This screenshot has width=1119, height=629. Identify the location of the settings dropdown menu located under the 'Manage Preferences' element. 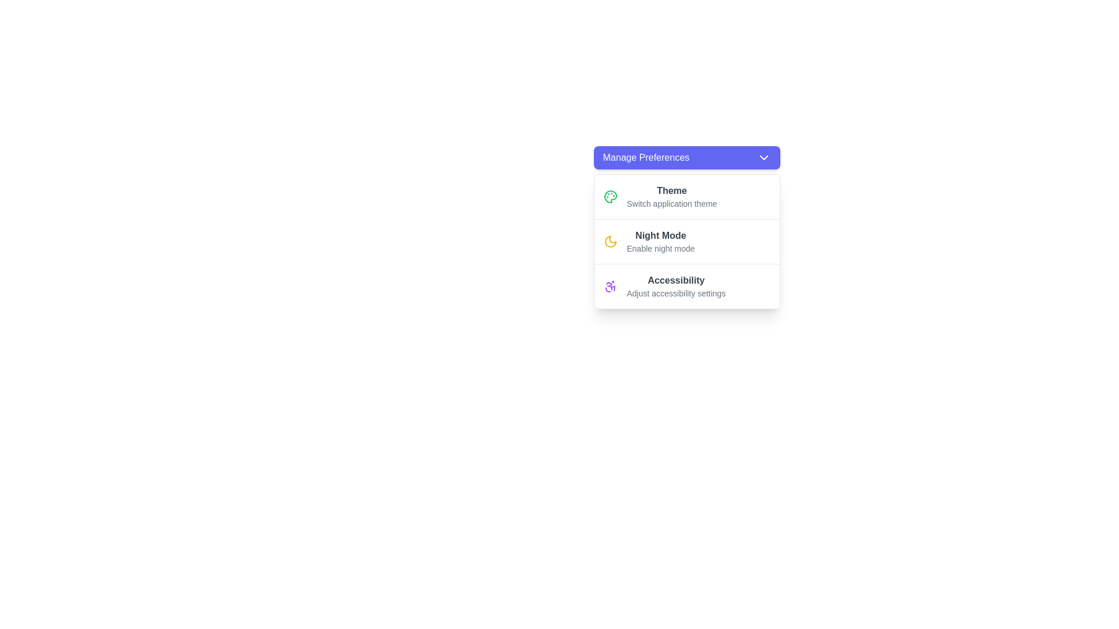
(687, 238).